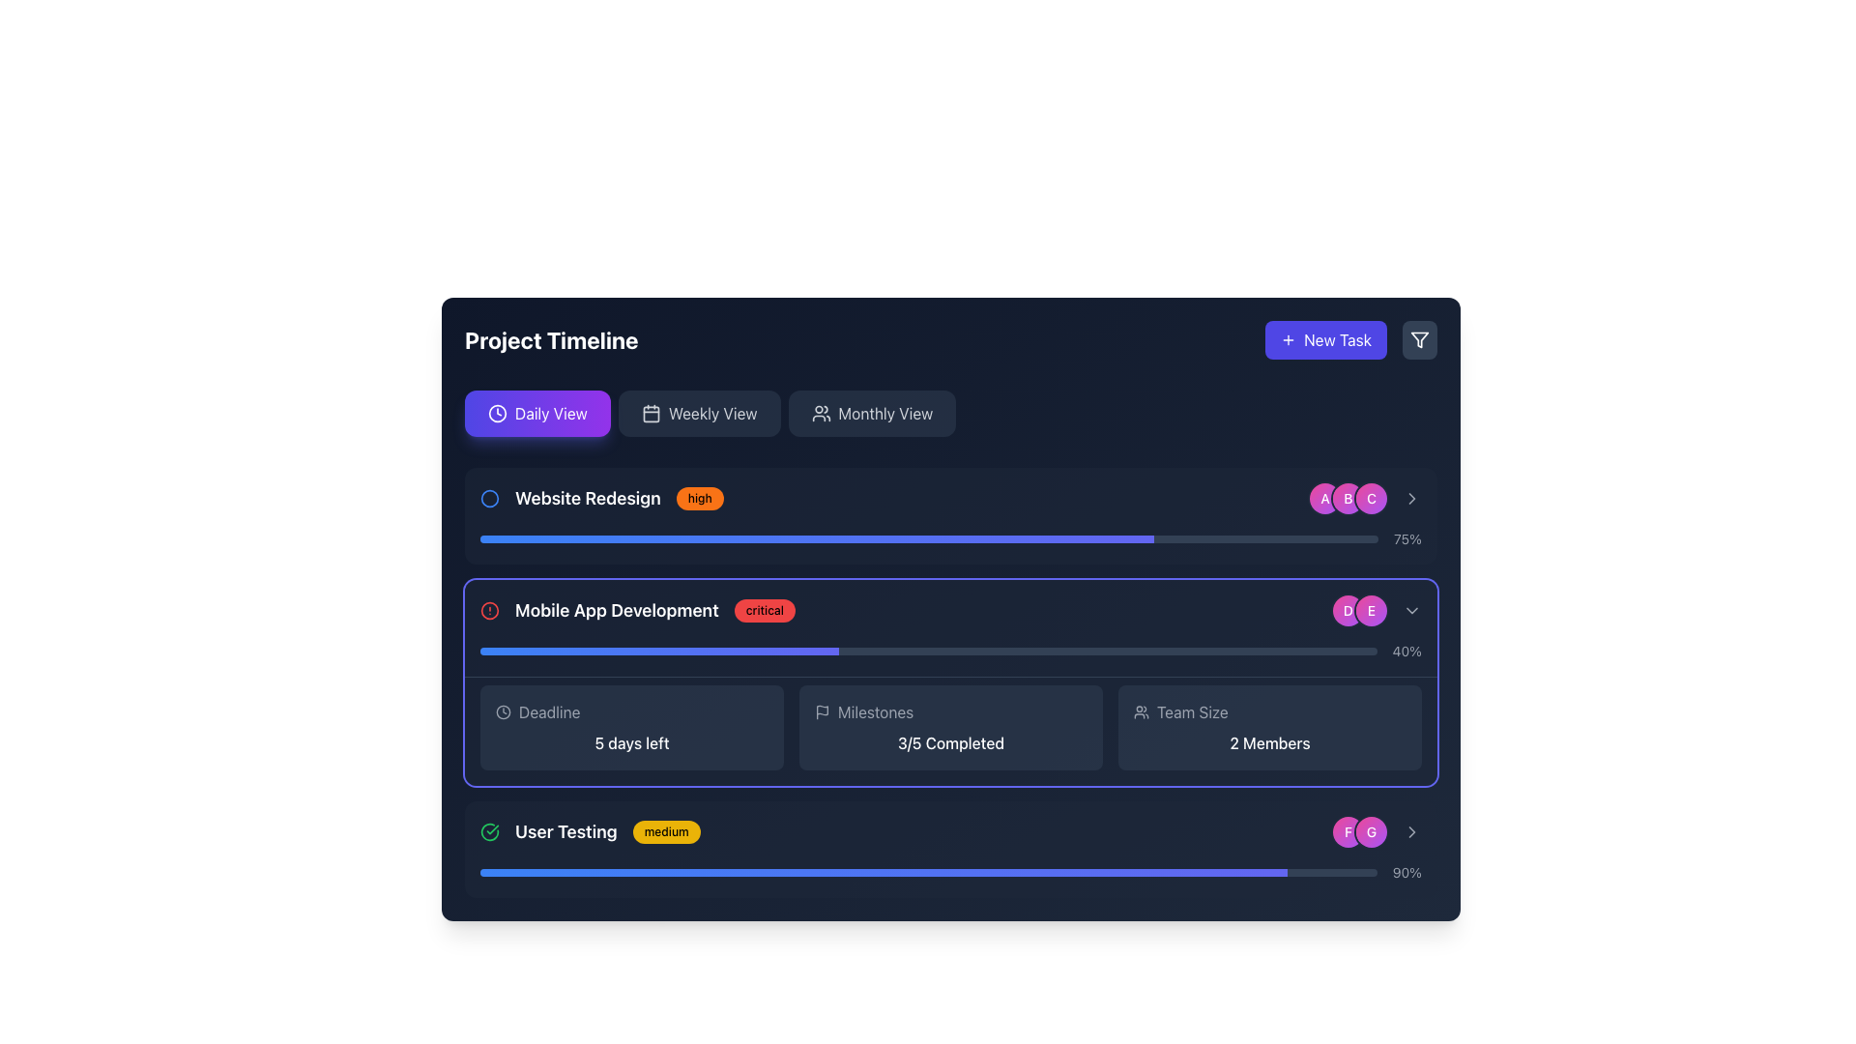  I want to click on the Info box displaying the deadline for a task under the 'Mobile App Development' section to focus or expand details, so click(631, 727).